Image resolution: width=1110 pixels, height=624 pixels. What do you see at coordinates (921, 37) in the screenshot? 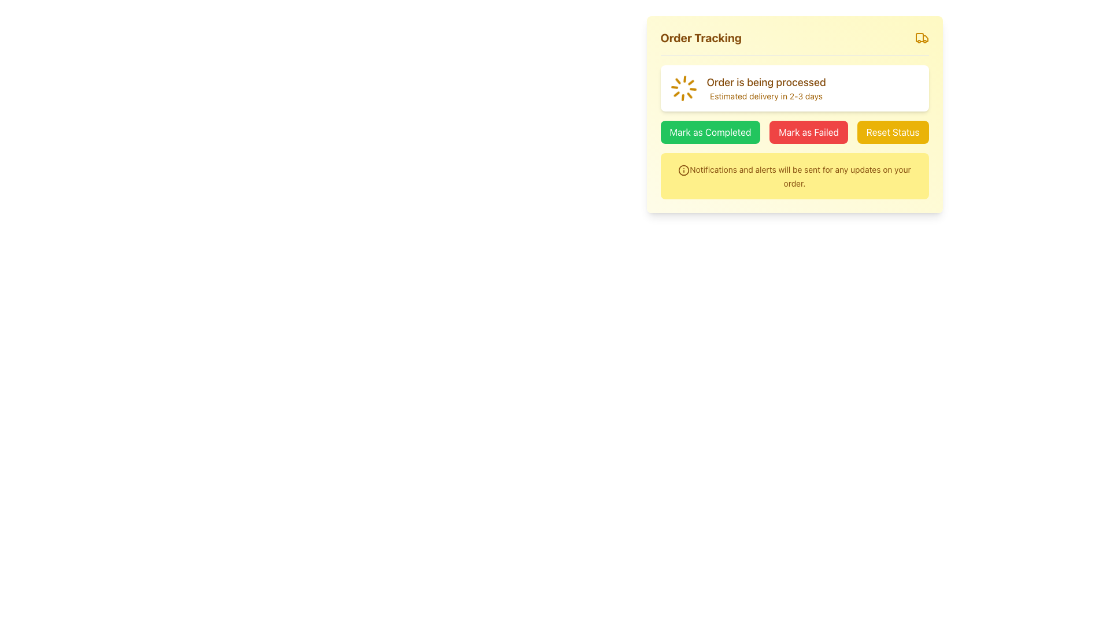
I see `the decorative icon in the top-right corner of the 'Order Tracking' section, which is located next to the 'Order Tracking' text` at bounding box center [921, 37].